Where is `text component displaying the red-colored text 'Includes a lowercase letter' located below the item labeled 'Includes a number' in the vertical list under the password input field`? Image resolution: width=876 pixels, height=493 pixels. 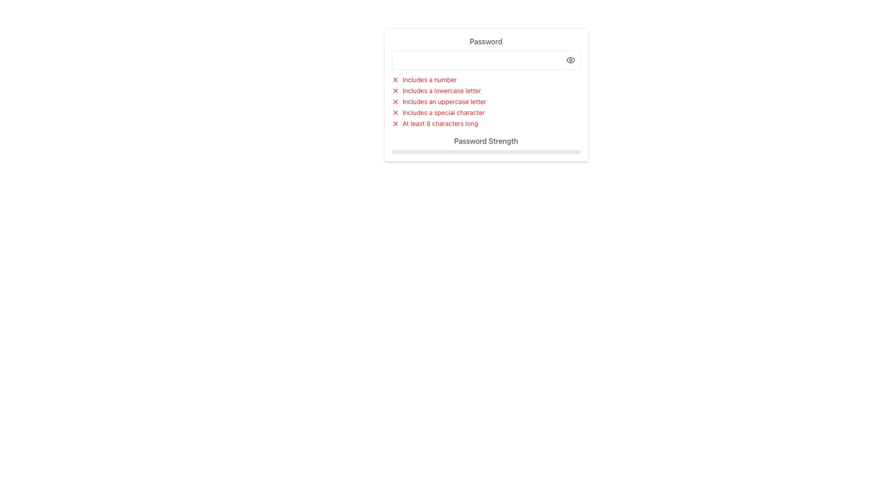 text component displaying the red-colored text 'Includes a lowercase letter' located below the item labeled 'Includes a number' in the vertical list under the password input field is located at coordinates (442, 91).